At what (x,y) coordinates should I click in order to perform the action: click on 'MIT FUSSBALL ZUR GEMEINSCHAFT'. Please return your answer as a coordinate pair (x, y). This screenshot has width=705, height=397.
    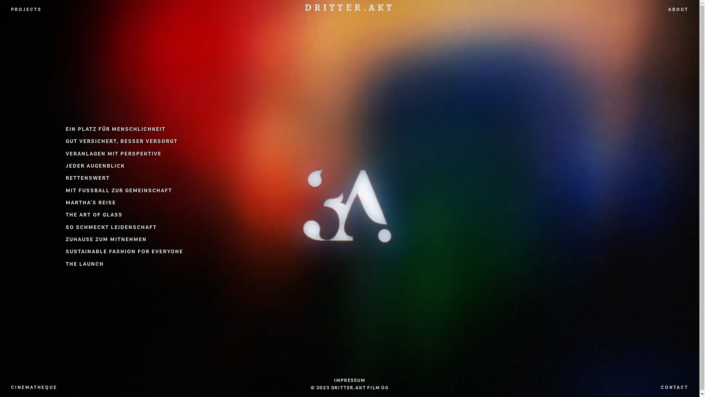
    Looking at the image, I should click on (119, 190).